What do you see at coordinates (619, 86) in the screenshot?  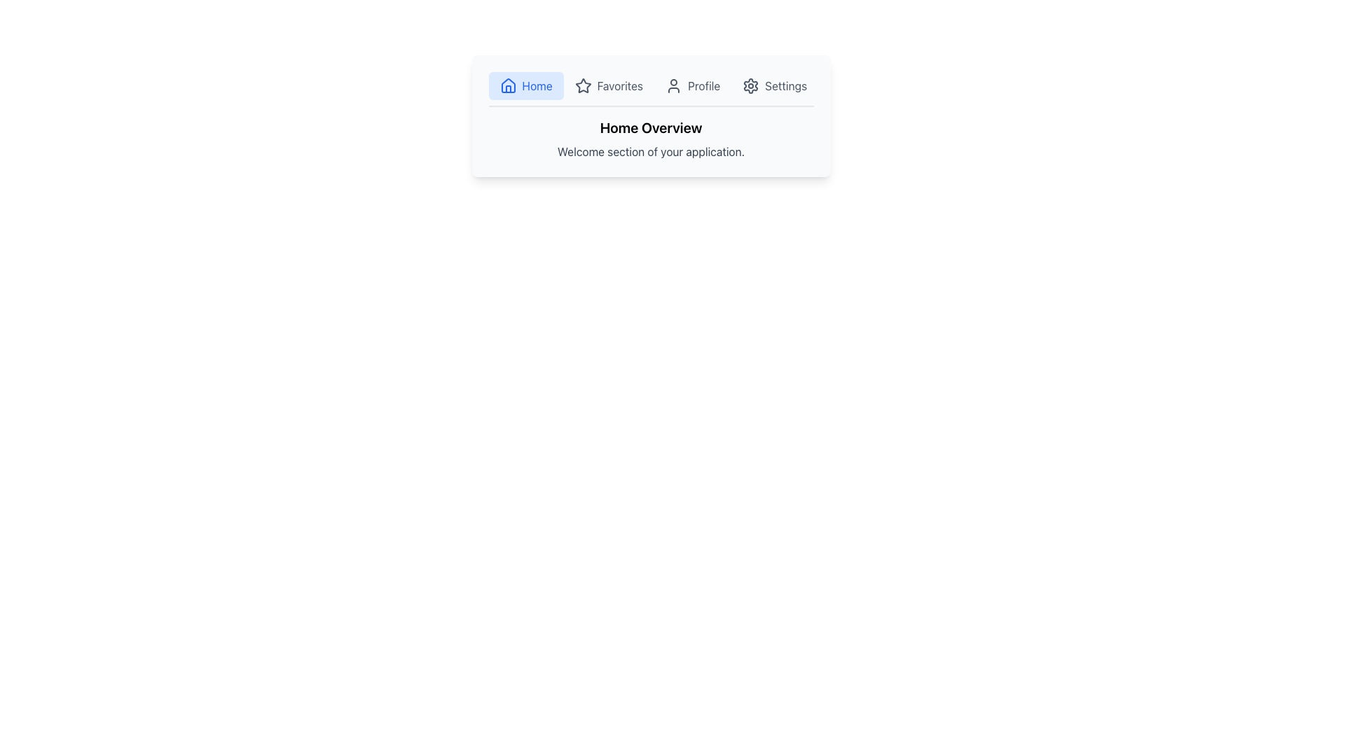 I see `the 'Favorites' label in the navigation menu, which is positioned to the right of the star icon` at bounding box center [619, 86].